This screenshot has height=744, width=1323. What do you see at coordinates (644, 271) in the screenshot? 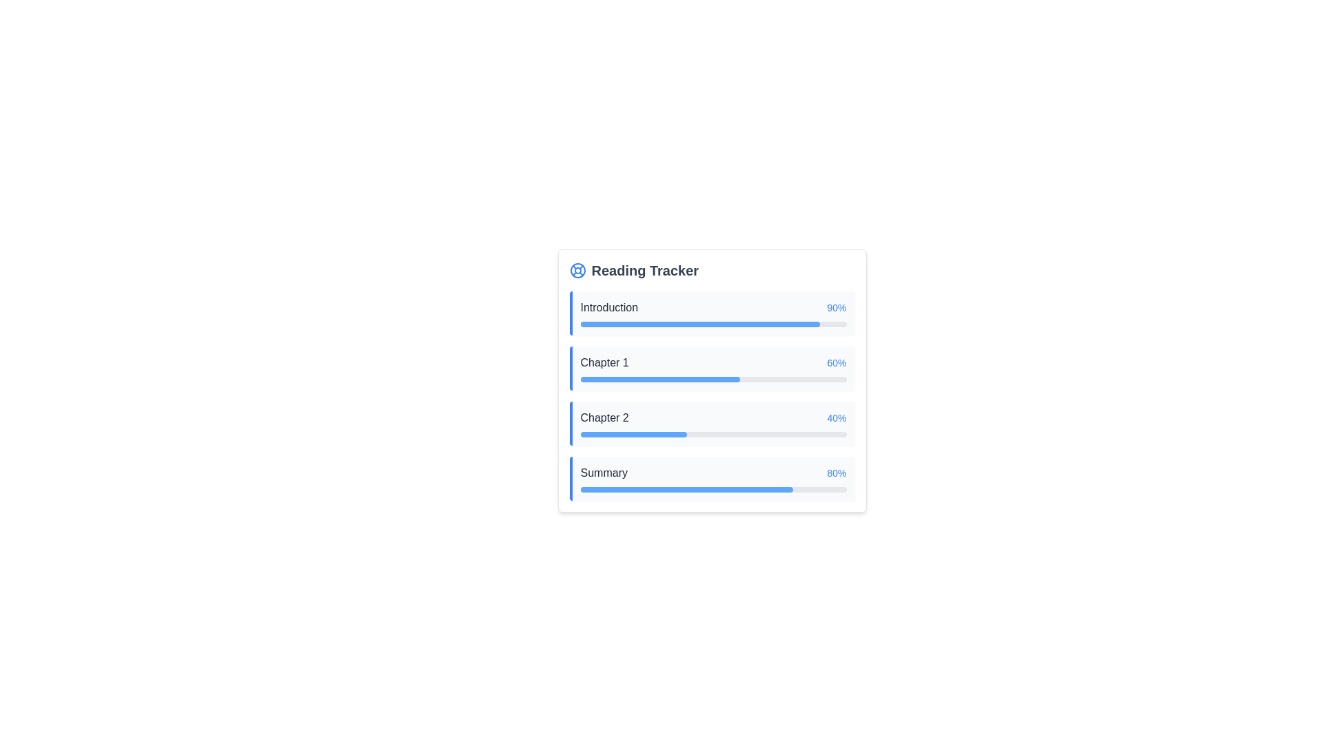
I see `the Text Element indicating the purpose of tracking reading progress, located at the top-left corner of the progress tracking card interface` at bounding box center [644, 271].